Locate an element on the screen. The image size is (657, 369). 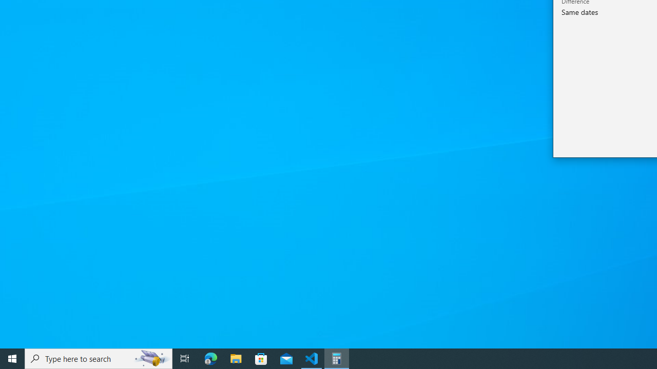
'Microsoft Store' is located at coordinates (261, 358).